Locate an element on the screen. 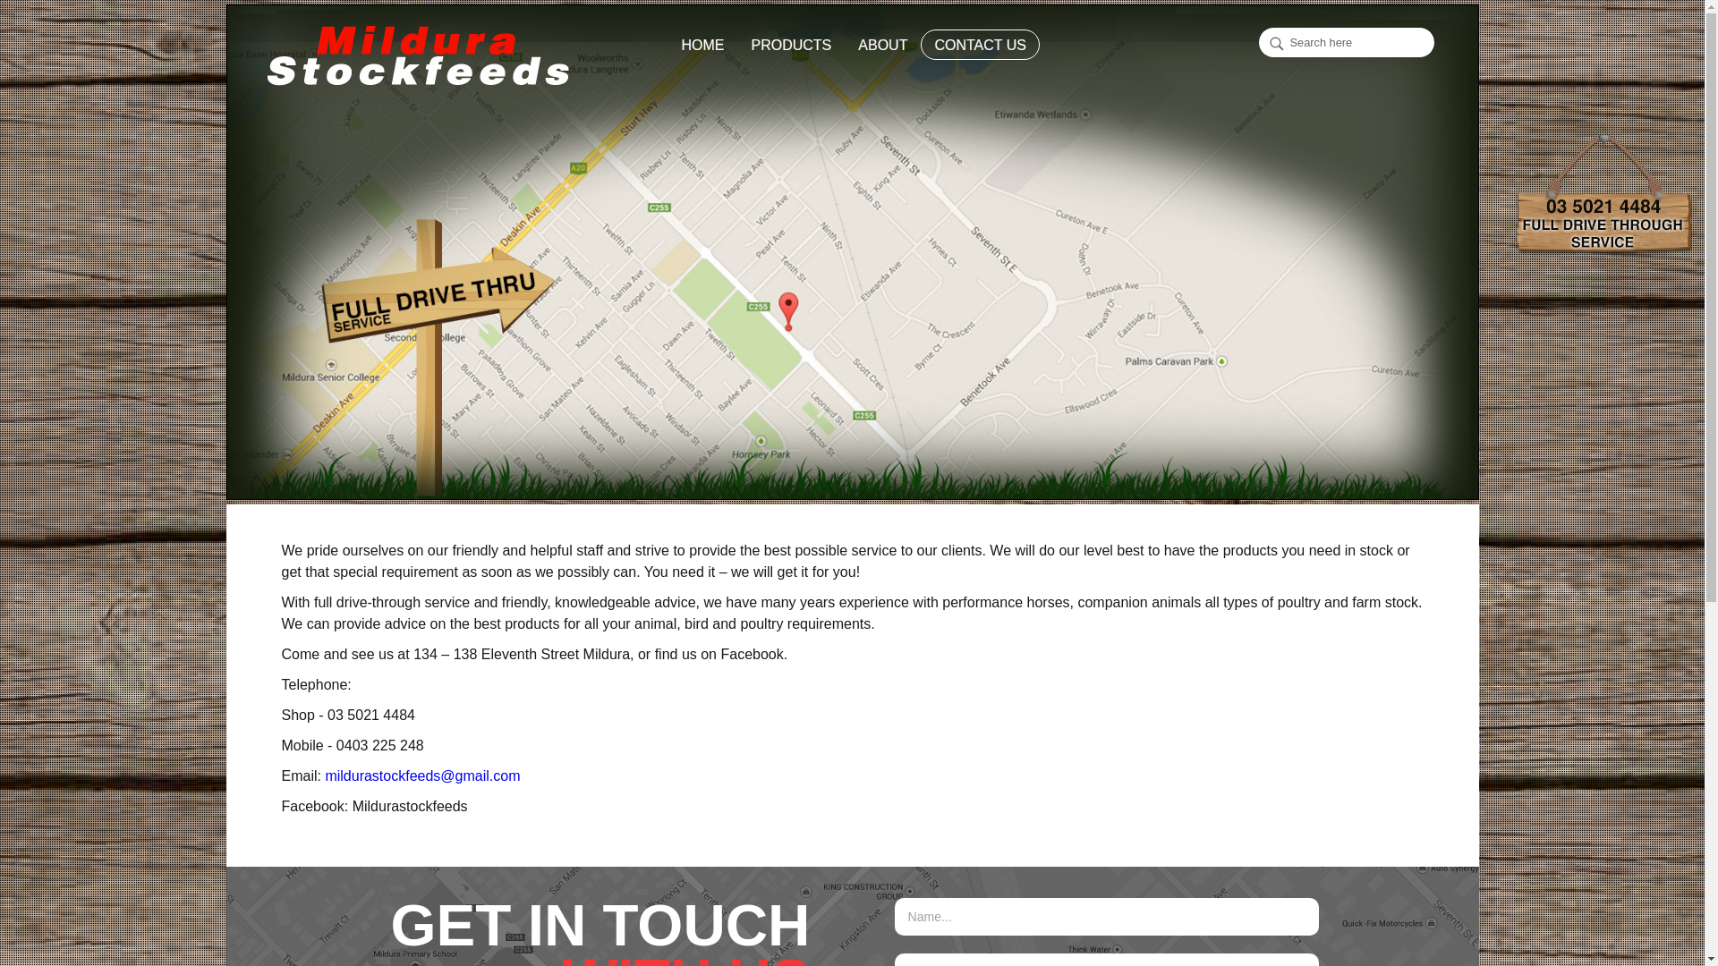  'PRODUCTS' is located at coordinates (790, 44).